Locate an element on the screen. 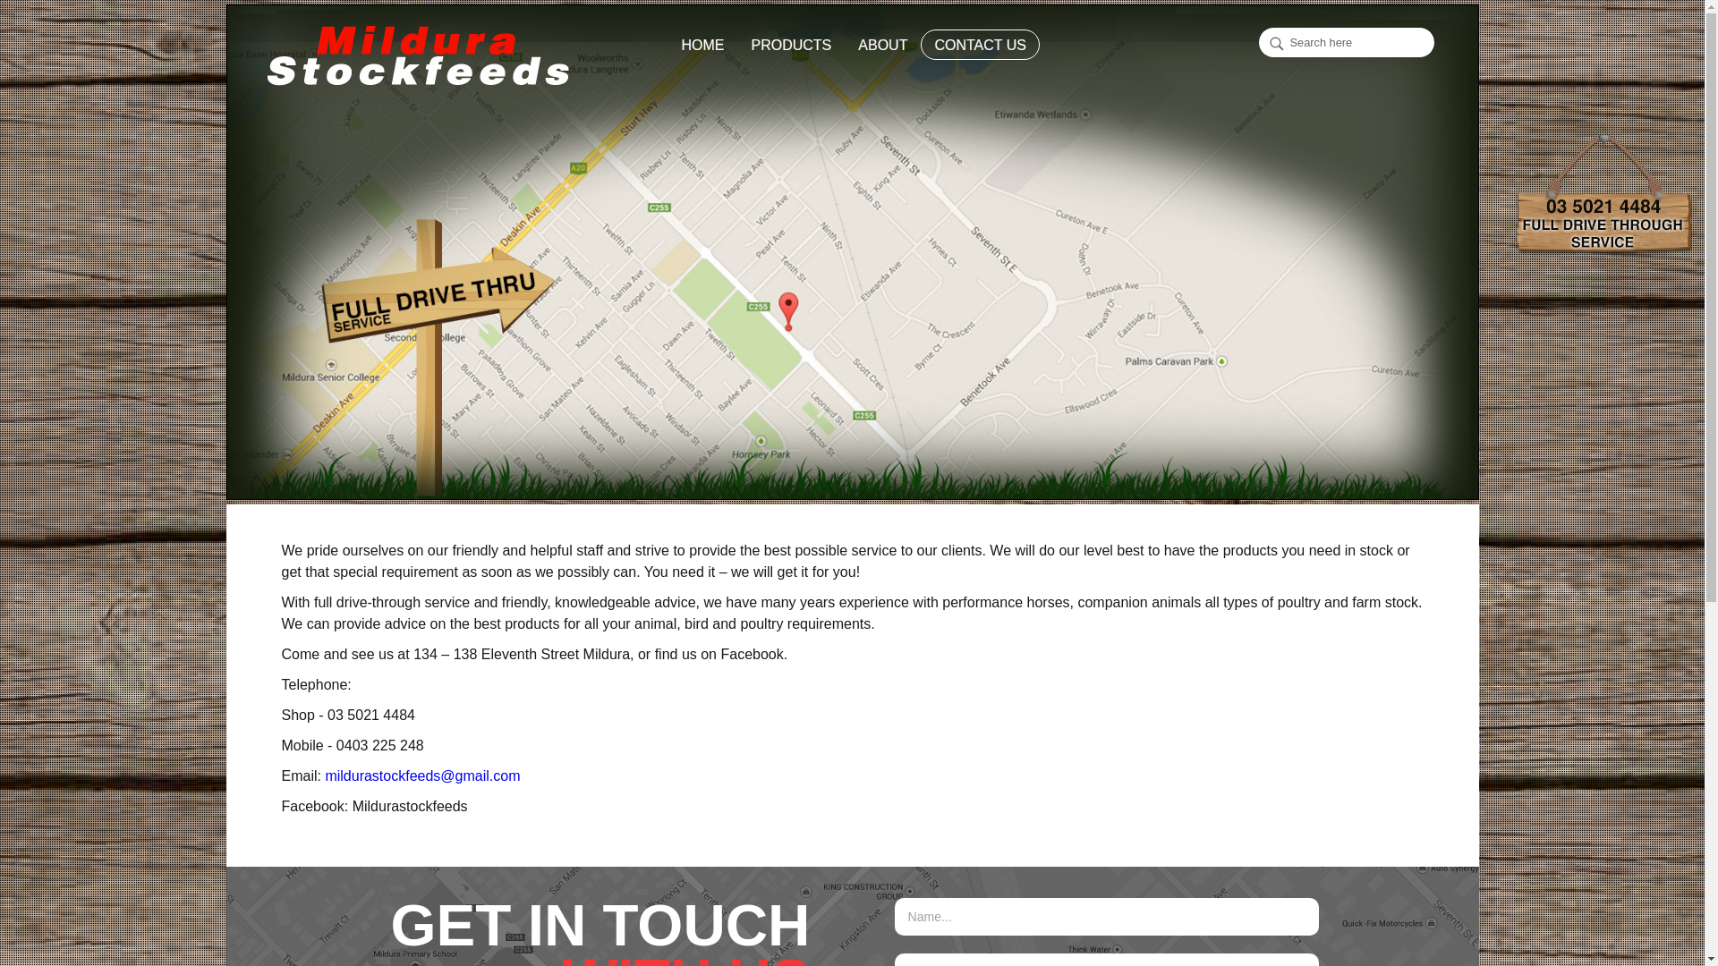  'PRODUCTS' is located at coordinates (790, 44).